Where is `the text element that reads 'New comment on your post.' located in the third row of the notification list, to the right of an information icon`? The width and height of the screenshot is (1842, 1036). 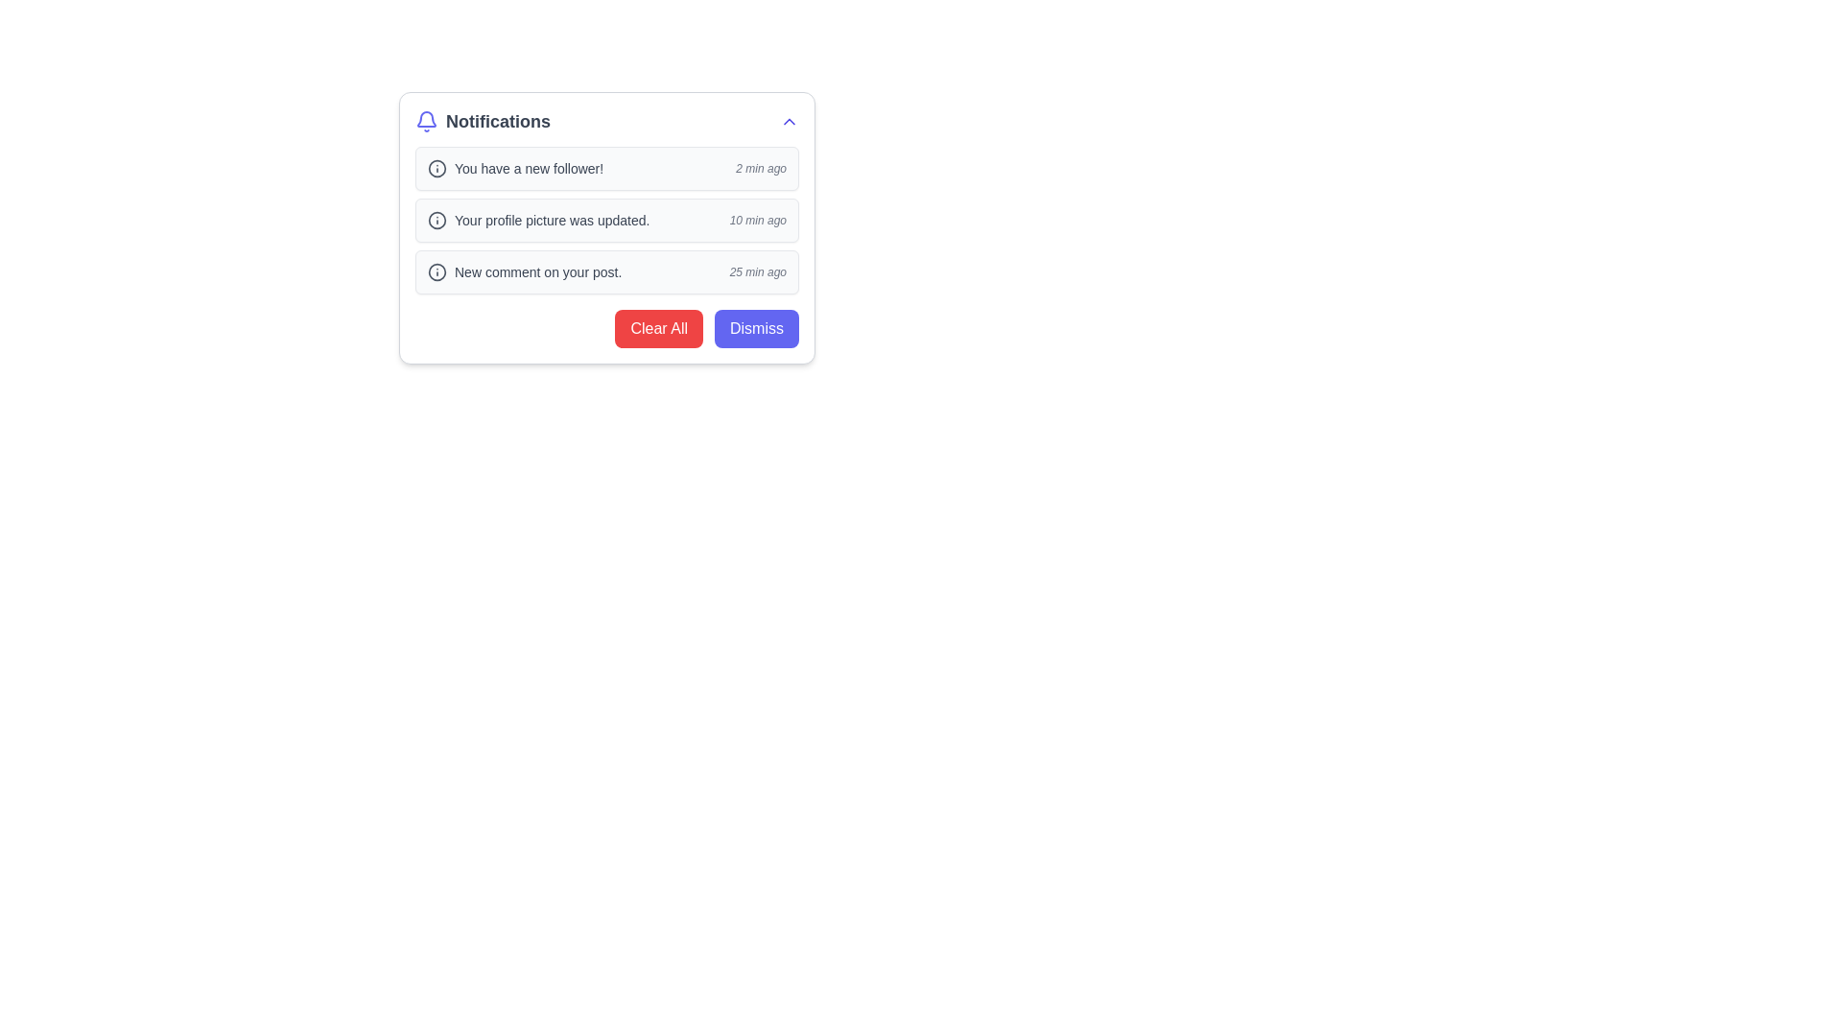
the text element that reads 'New comment on your post.' located in the third row of the notification list, to the right of an information icon is located at coordinates (537, 272).